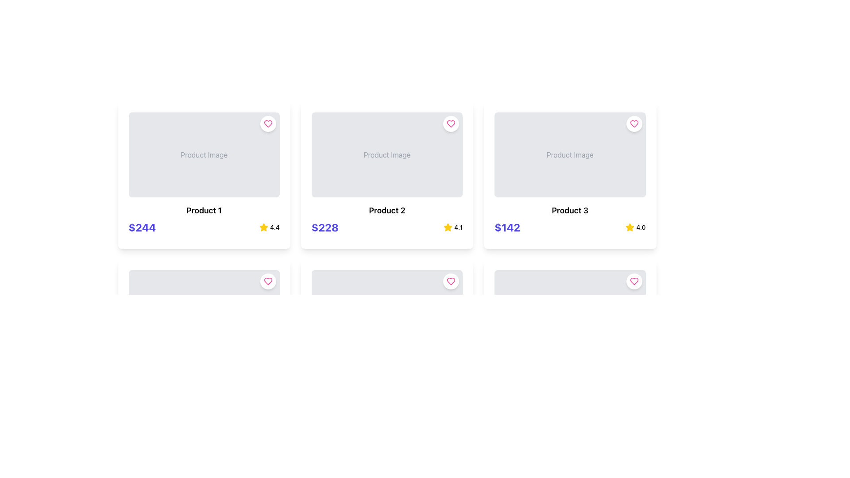  I want to click on the heart-shaped like button located in the top-right corner of the third product card, so click(634, 281).